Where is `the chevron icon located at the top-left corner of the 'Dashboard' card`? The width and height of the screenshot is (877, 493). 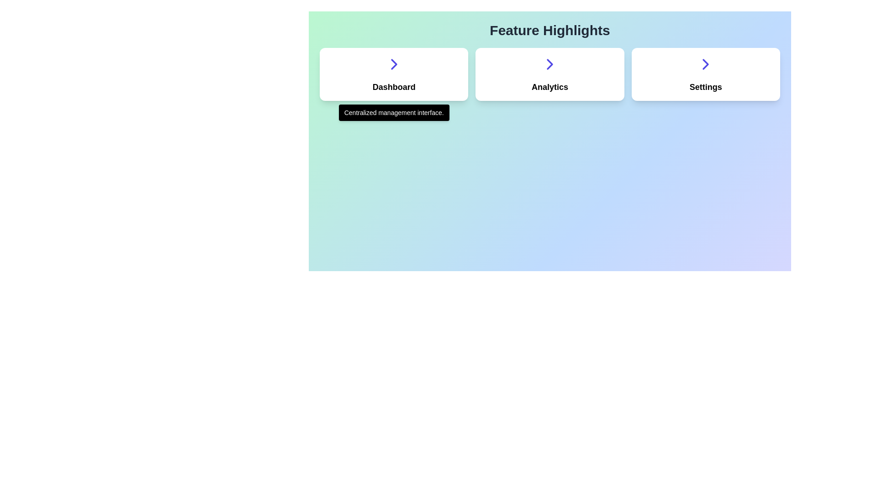
the chevron icon located at the top-left corner of the 'Dashboard' card is located at coordinates (394, 64).